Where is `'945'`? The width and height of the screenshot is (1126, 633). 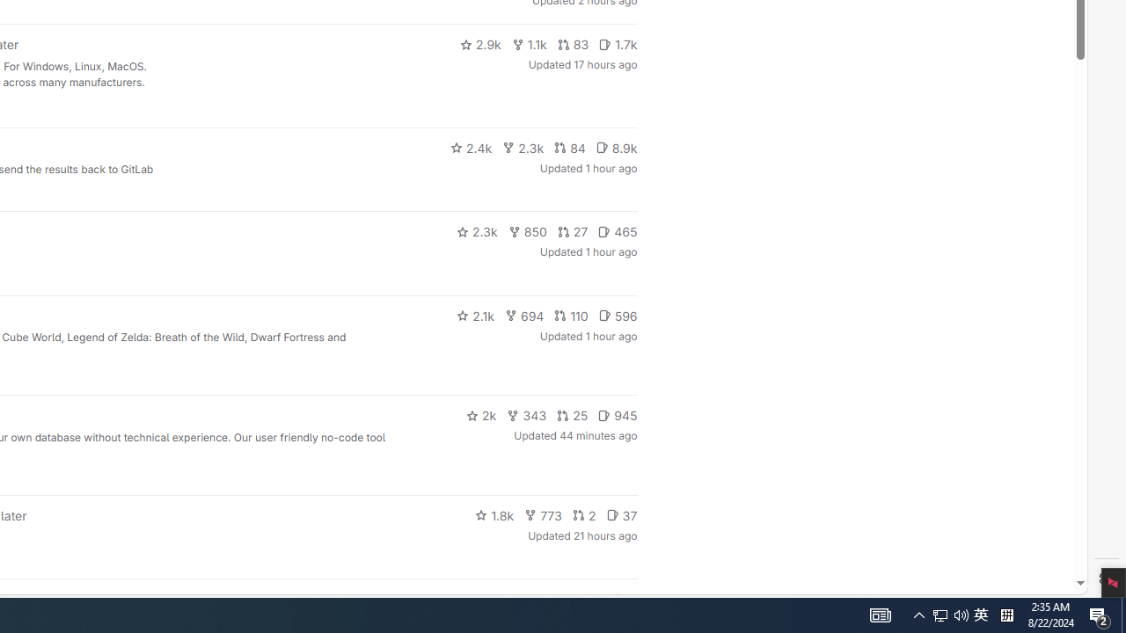 '945' is located at coordinates (618, 416).